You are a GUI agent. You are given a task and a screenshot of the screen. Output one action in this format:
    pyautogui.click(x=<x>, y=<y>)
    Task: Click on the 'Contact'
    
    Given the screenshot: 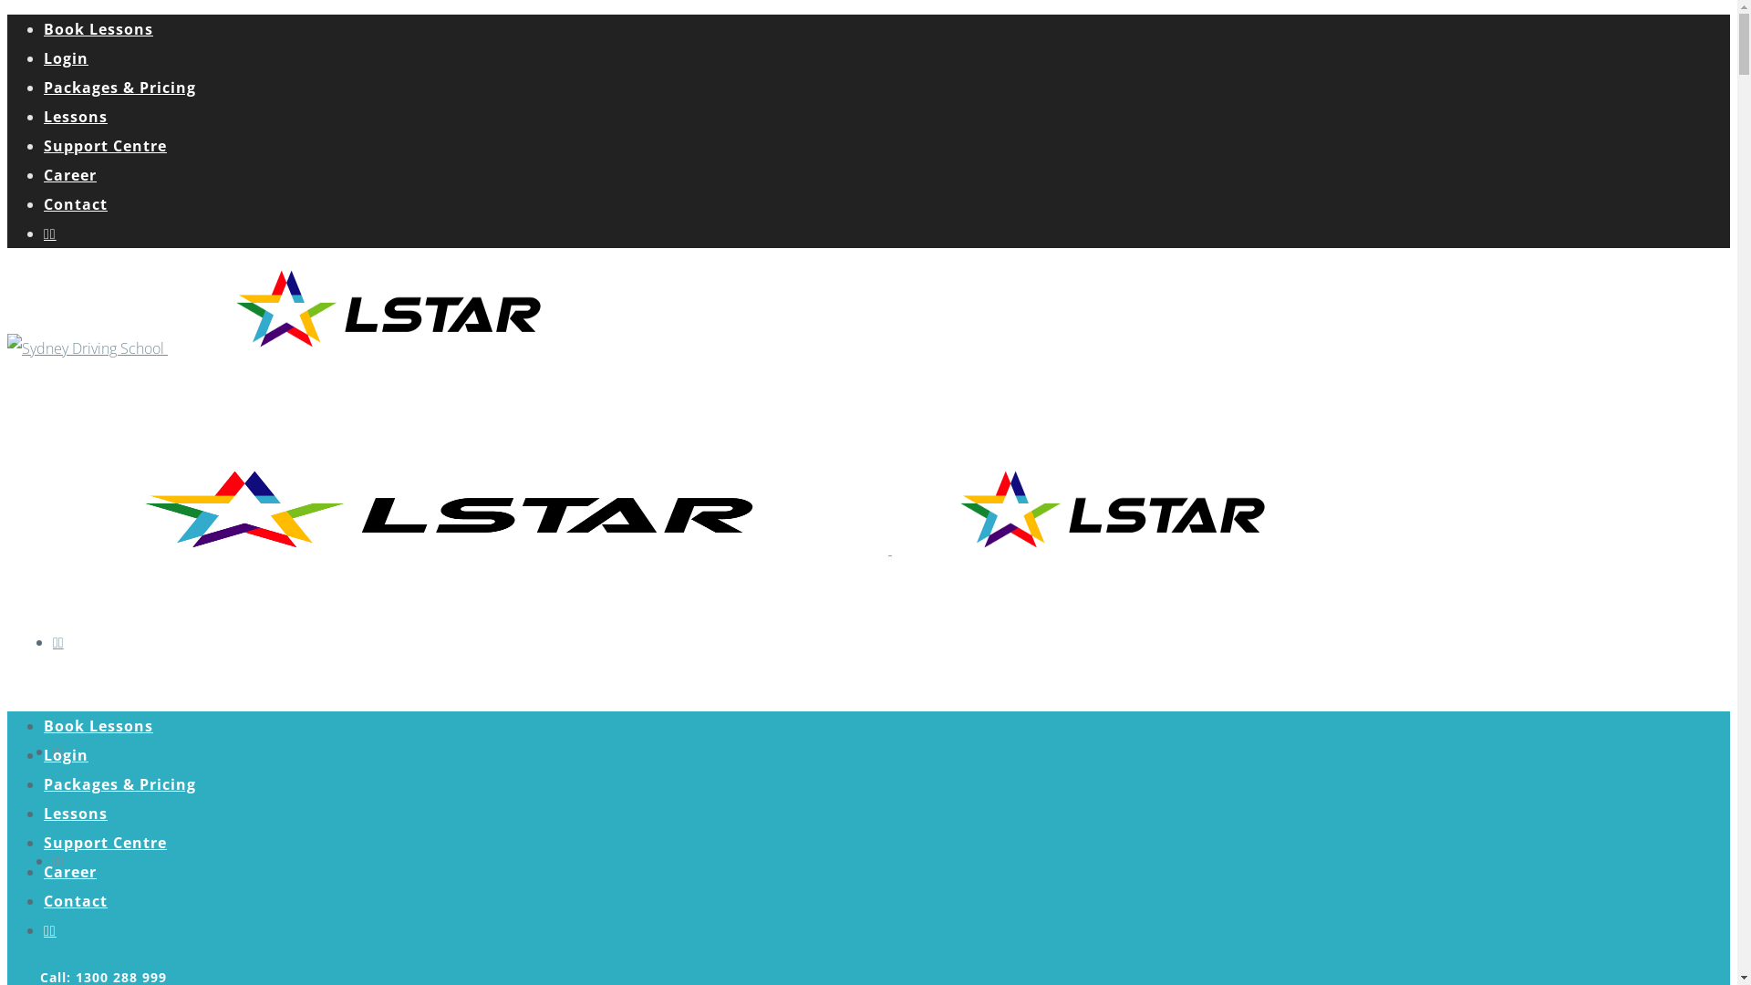 What is the action you would take?
    pyautogui.click(x=74, y=899)
    